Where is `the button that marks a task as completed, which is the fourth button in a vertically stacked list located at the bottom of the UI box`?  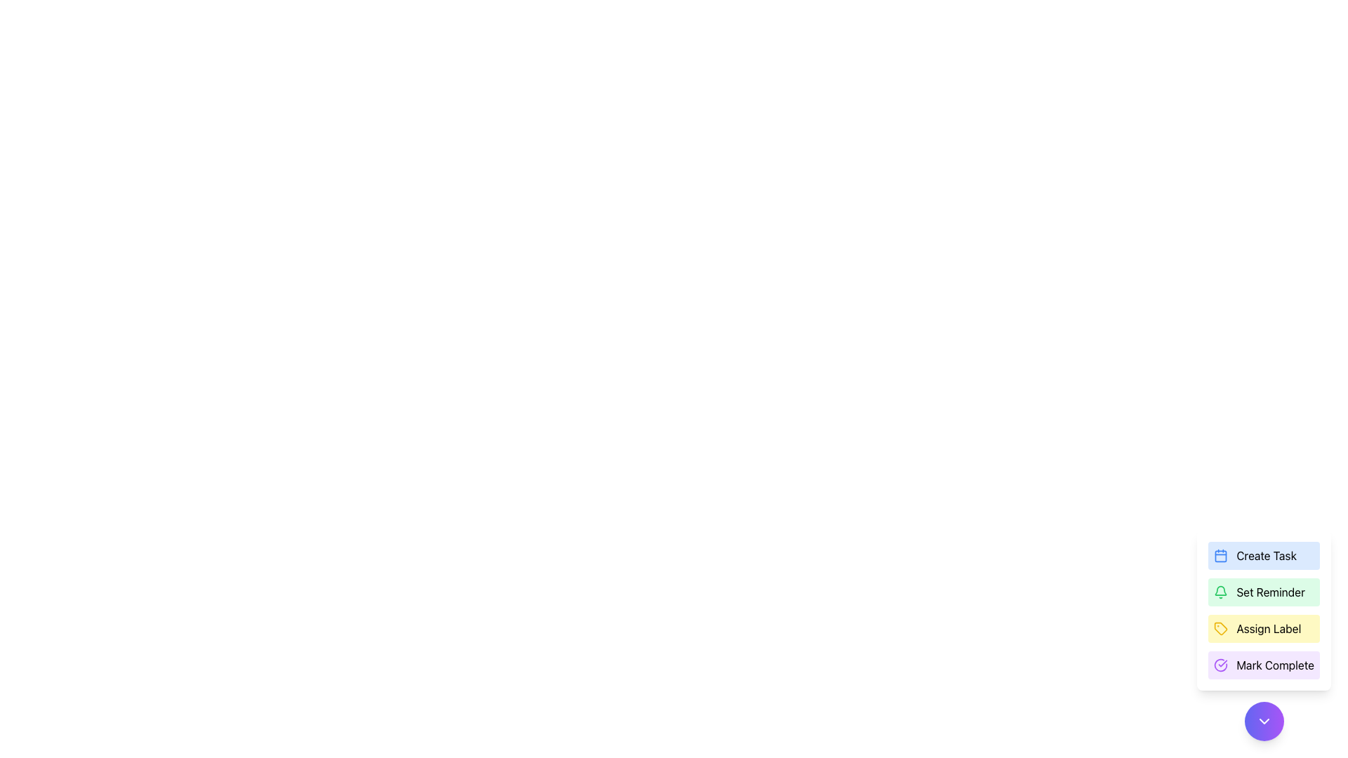
the button that marks a task as completed, which is the fourth button in a vertically stacked list located at the bottom of the UI box is located at coordinates (1264, 665).